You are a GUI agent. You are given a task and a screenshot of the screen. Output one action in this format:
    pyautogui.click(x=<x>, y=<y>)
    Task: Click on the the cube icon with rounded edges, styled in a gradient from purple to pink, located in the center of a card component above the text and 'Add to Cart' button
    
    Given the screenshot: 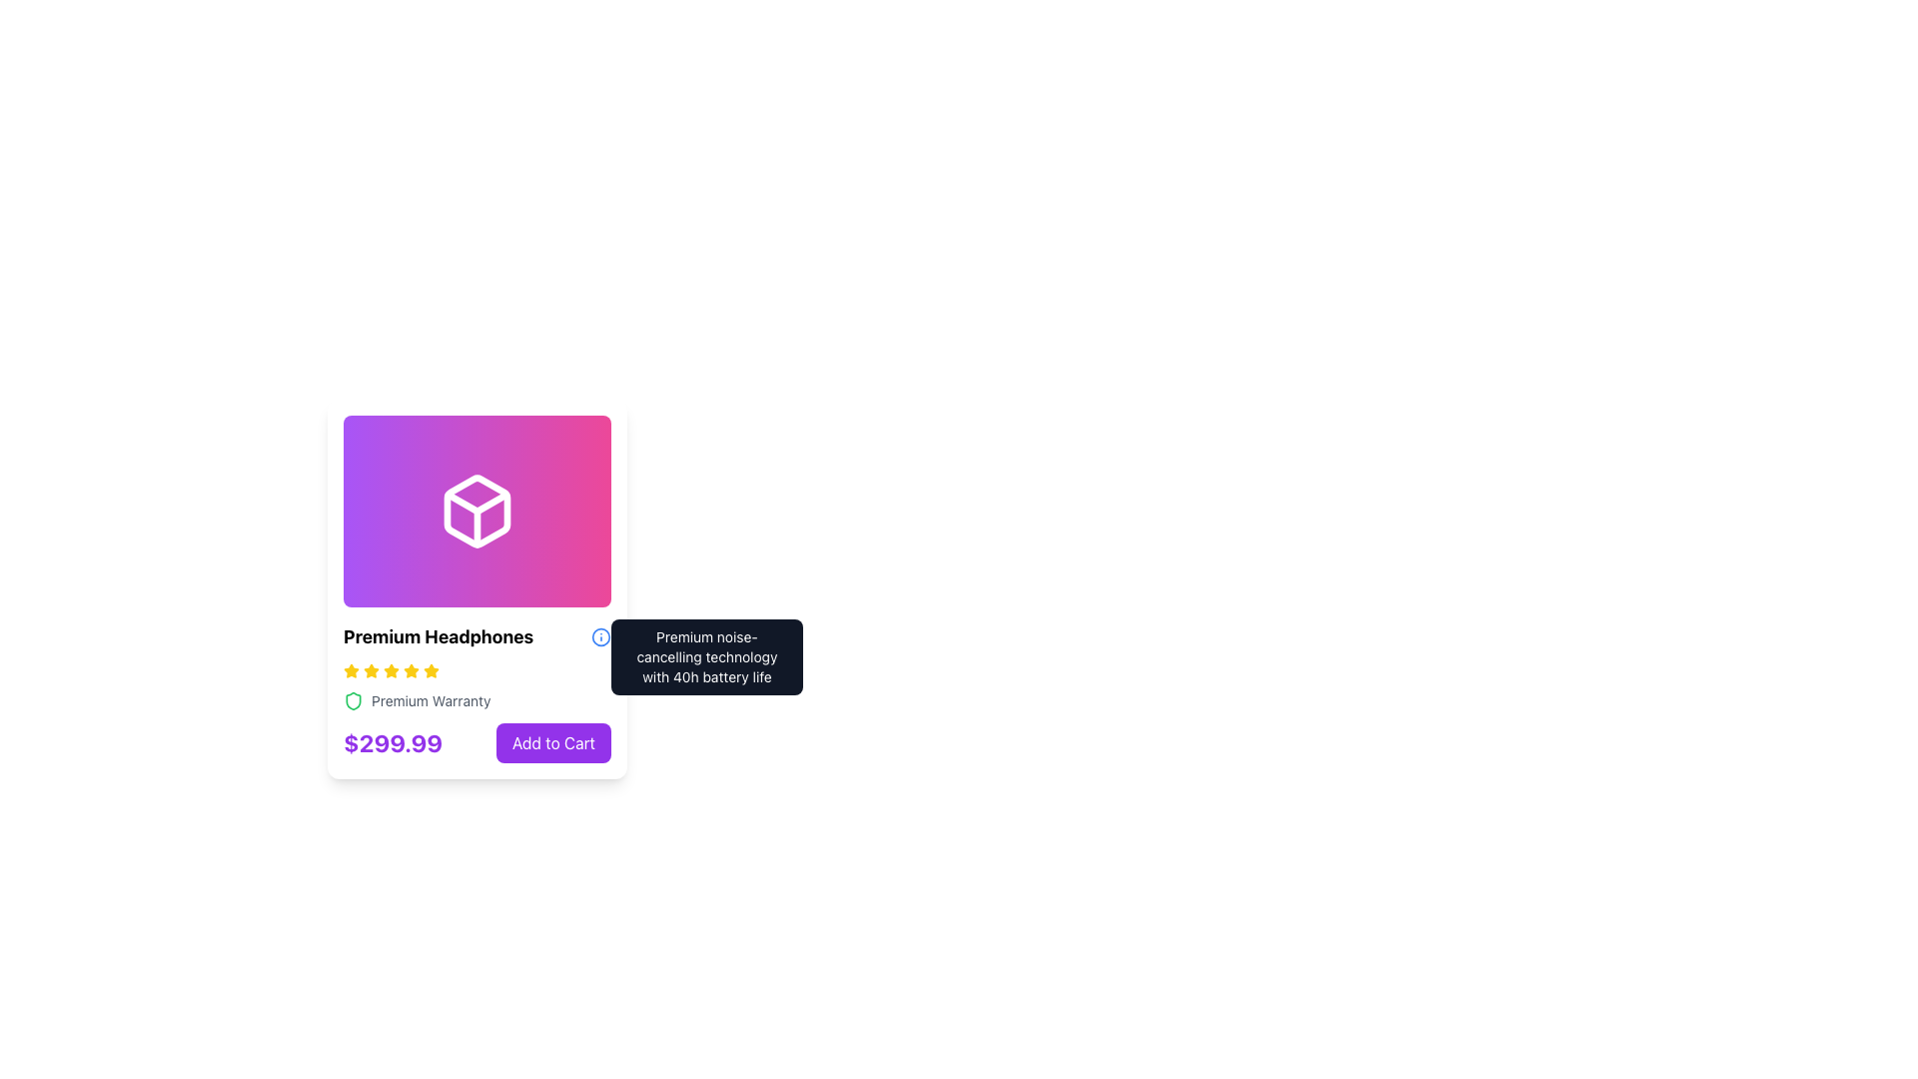 What is the action you would take?
    pyautogui.click(x=477, y=511)
    